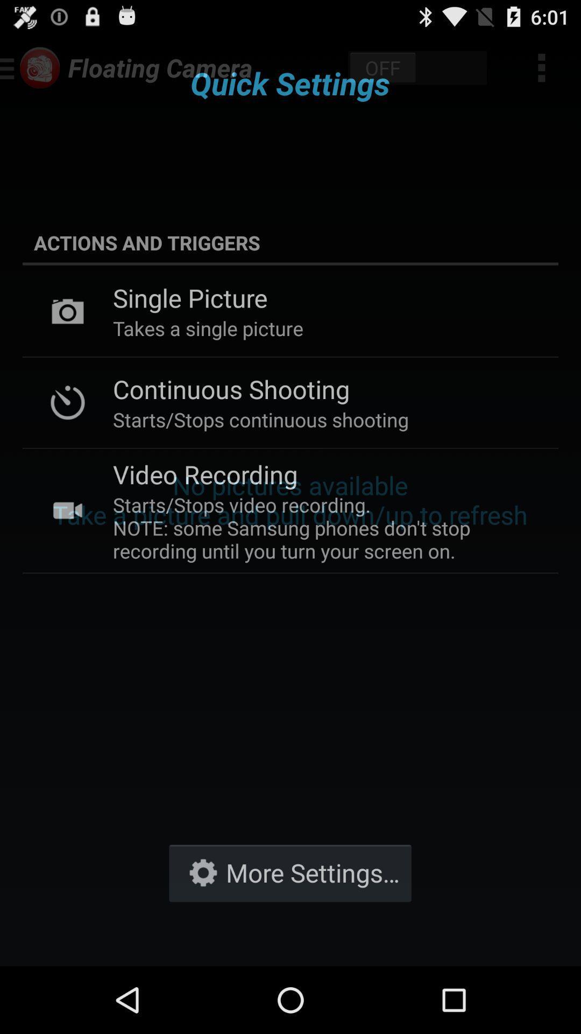 The height and width of the screenshot is (1034, 581). What do you see at coordinates (290, 242) in the screenshot?
I see `item below the quick settings app` at bounding box center [290, 242].